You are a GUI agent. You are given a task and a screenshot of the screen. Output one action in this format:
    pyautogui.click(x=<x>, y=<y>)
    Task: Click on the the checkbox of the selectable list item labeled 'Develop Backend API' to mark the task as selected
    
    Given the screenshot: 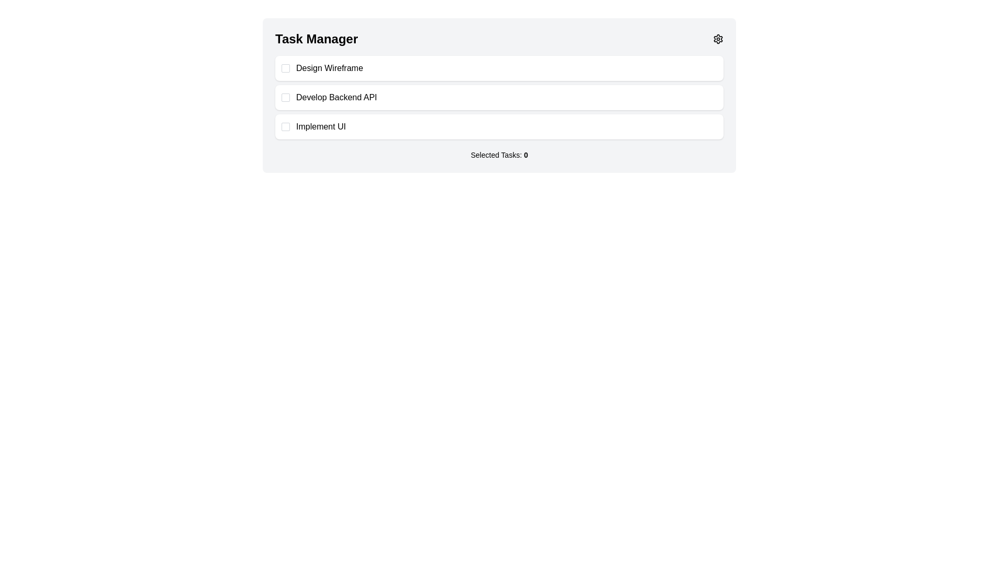 What is the action you would take?
    pyautogui.click(x=498, y=95)
    